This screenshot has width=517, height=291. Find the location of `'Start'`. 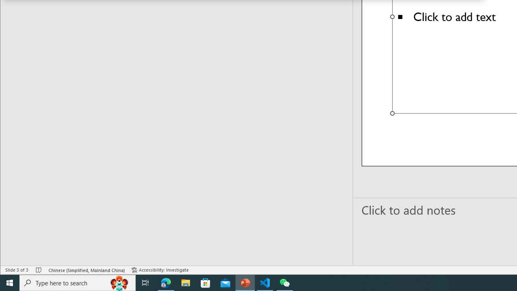

'Start' is located at coordinates (10, 282).